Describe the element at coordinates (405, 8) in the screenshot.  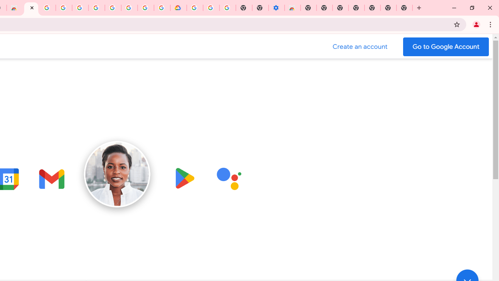
I see `'New Tab'` at that location.